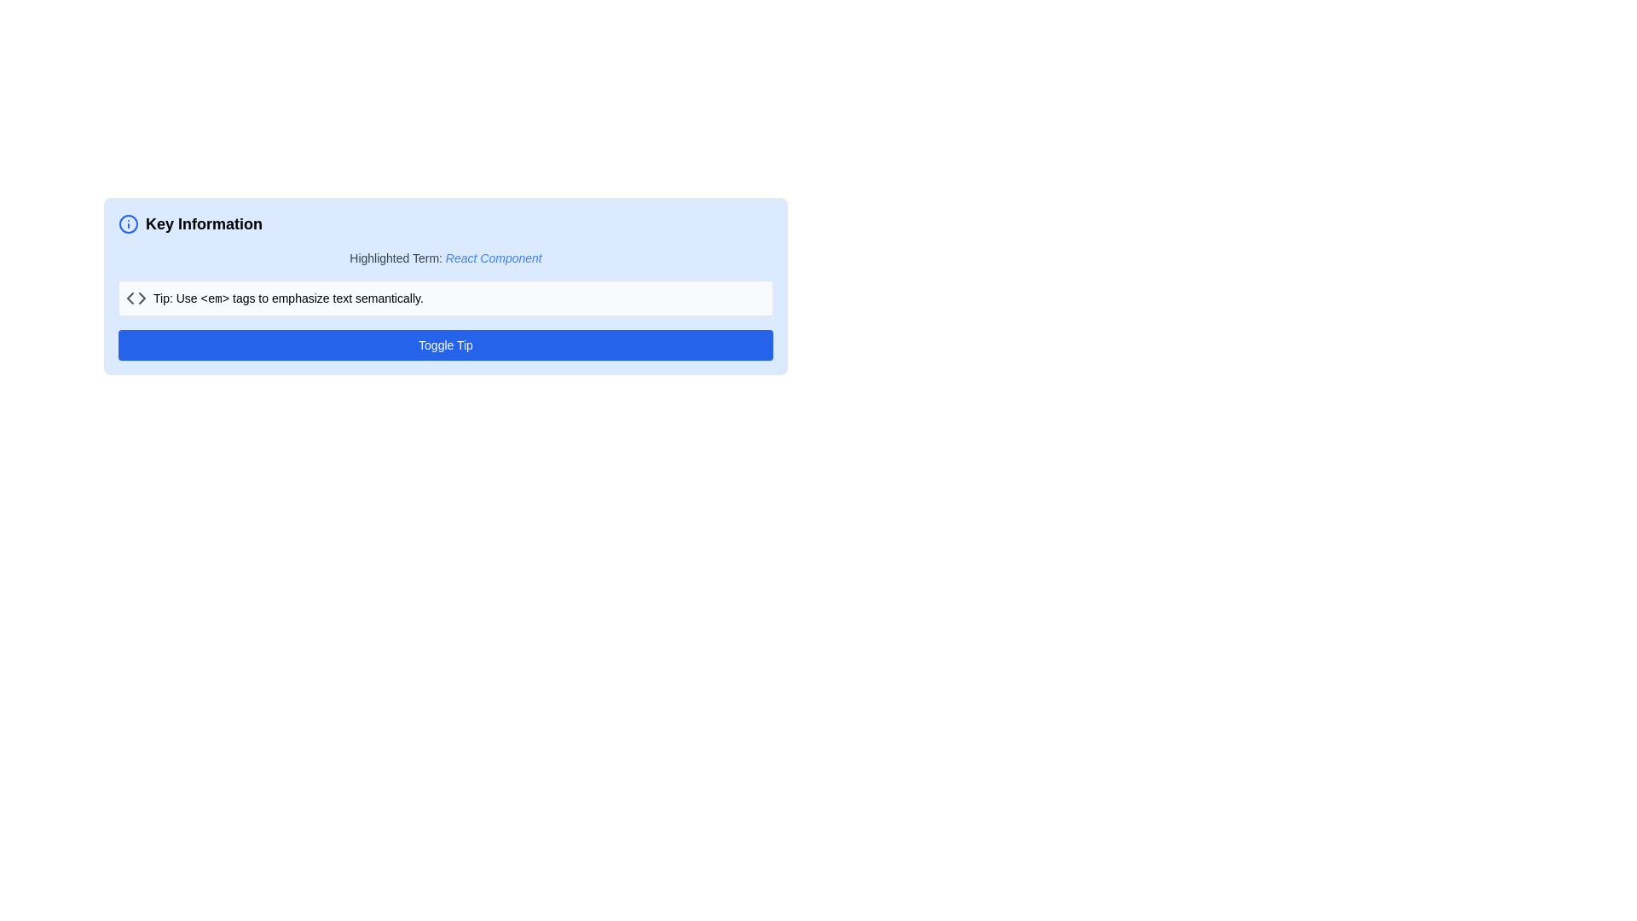 Image resolution: width=1637 pixels, height=921 pixels. Describe the element at coordinates (127, 223) in the screenshot. I see `the SVG circle element, which is part of the information symbol icon located in the top-left area of the blue-paneled 'Key Information' section` at that location.